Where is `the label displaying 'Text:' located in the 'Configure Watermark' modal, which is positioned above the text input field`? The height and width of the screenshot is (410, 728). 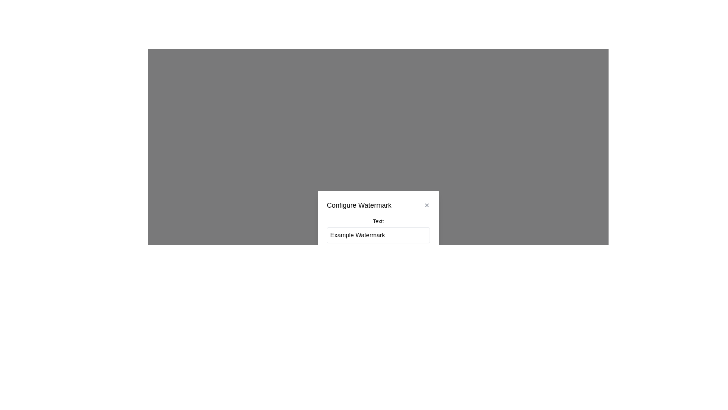 the label displaying 'Text:' located in the 'Configure Watermark' modal, which is positioned above the text input field is located at coordinates (378, 229).